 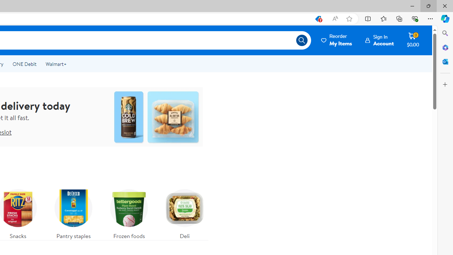 I want to click on 'Pantry staples', so click(x=74, y=212).